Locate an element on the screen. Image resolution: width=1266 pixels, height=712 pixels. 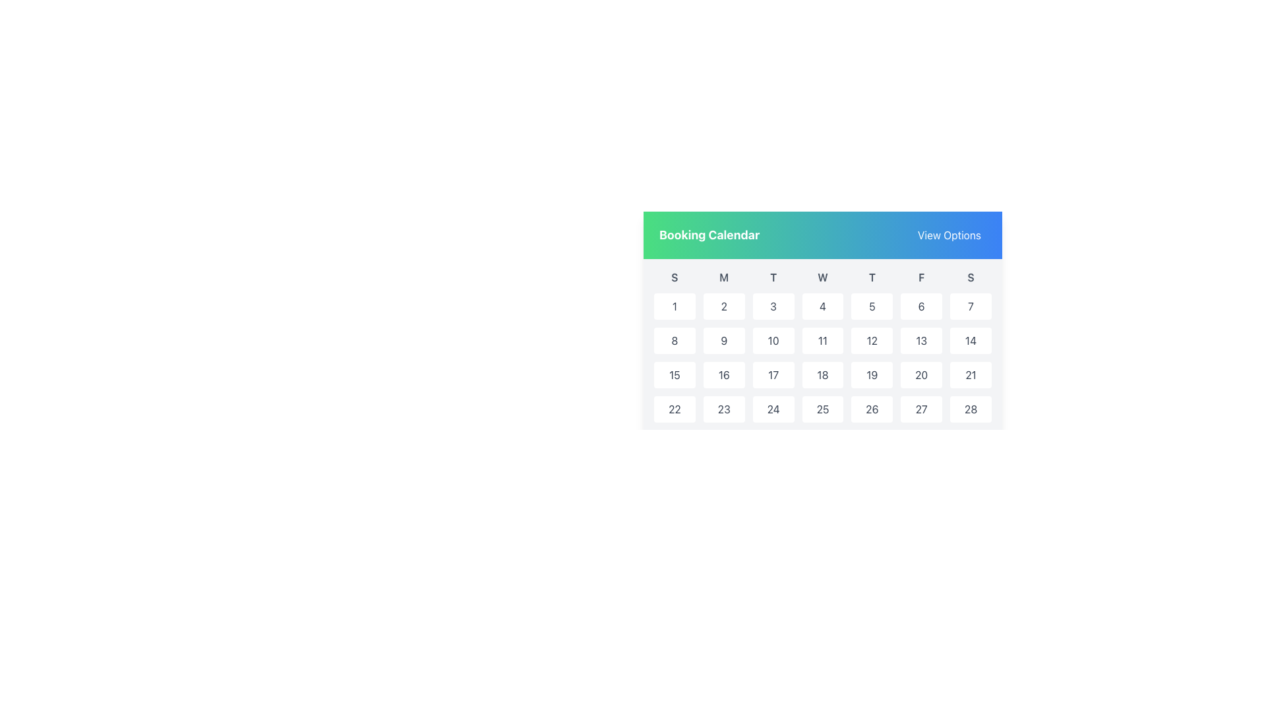
the text element displaying the digit '3' inside a white rectangular button in the calendar interface is located at coordinates (773, 307).